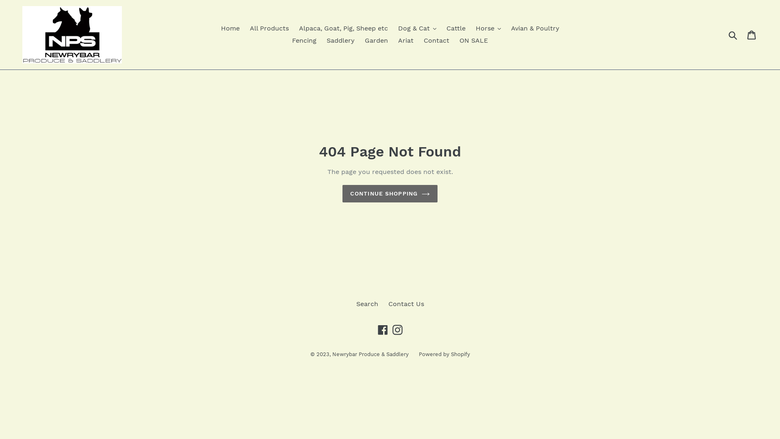 Image resolution: width=780 pixels, height=439 pixels. What do you see at coordinates (733, 34) in the screenshot?
I see `'Submit'` at bounding box center [733, 34].